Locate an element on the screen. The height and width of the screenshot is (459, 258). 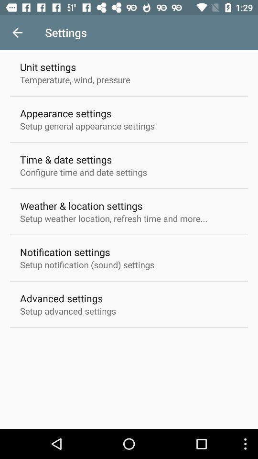
the item below the notification settings is located at coordinates (87, 264).